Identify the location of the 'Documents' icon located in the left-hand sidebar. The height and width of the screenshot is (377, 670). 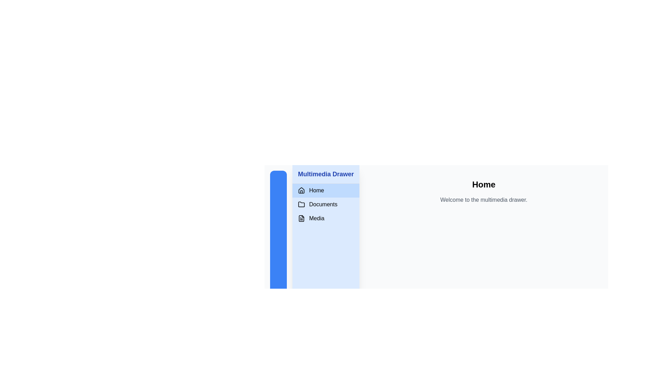
(301, 204).